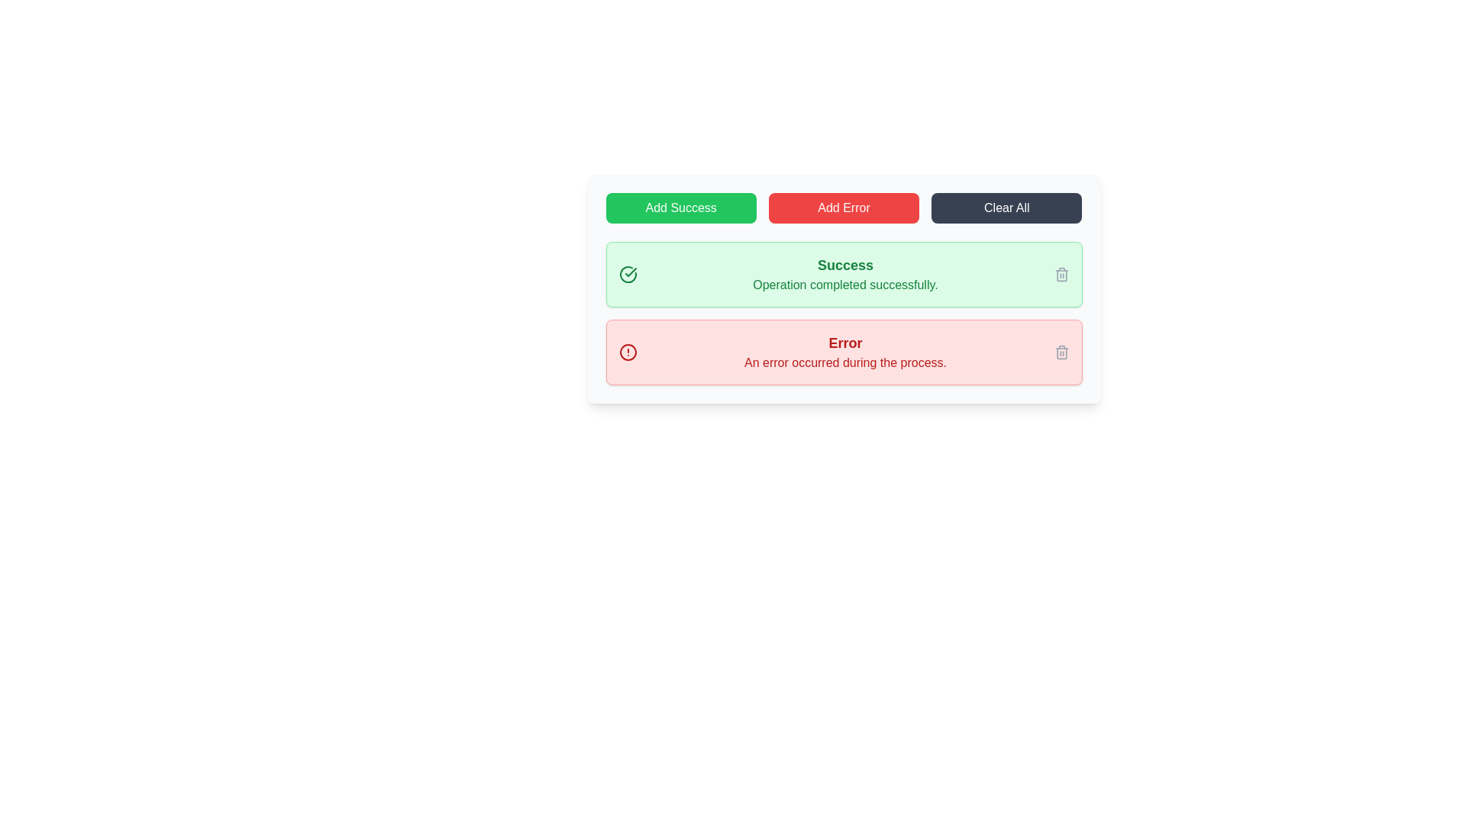 Image resolution: width=1466 pixels, height=824 pixels. What do you see at coordinates (680, 208) in the screenshot?
I see `the success button, which is the first button in a group of three horizontally aligned buttons located in the top section of the interface` at bounding box center [680, 208].